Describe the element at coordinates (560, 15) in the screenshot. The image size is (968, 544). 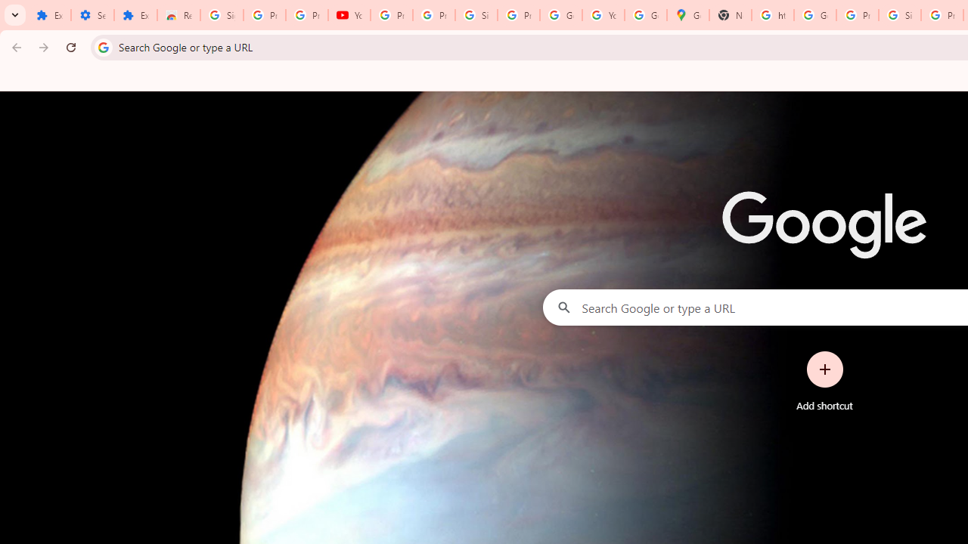
I see `'Google Account'` at that location.